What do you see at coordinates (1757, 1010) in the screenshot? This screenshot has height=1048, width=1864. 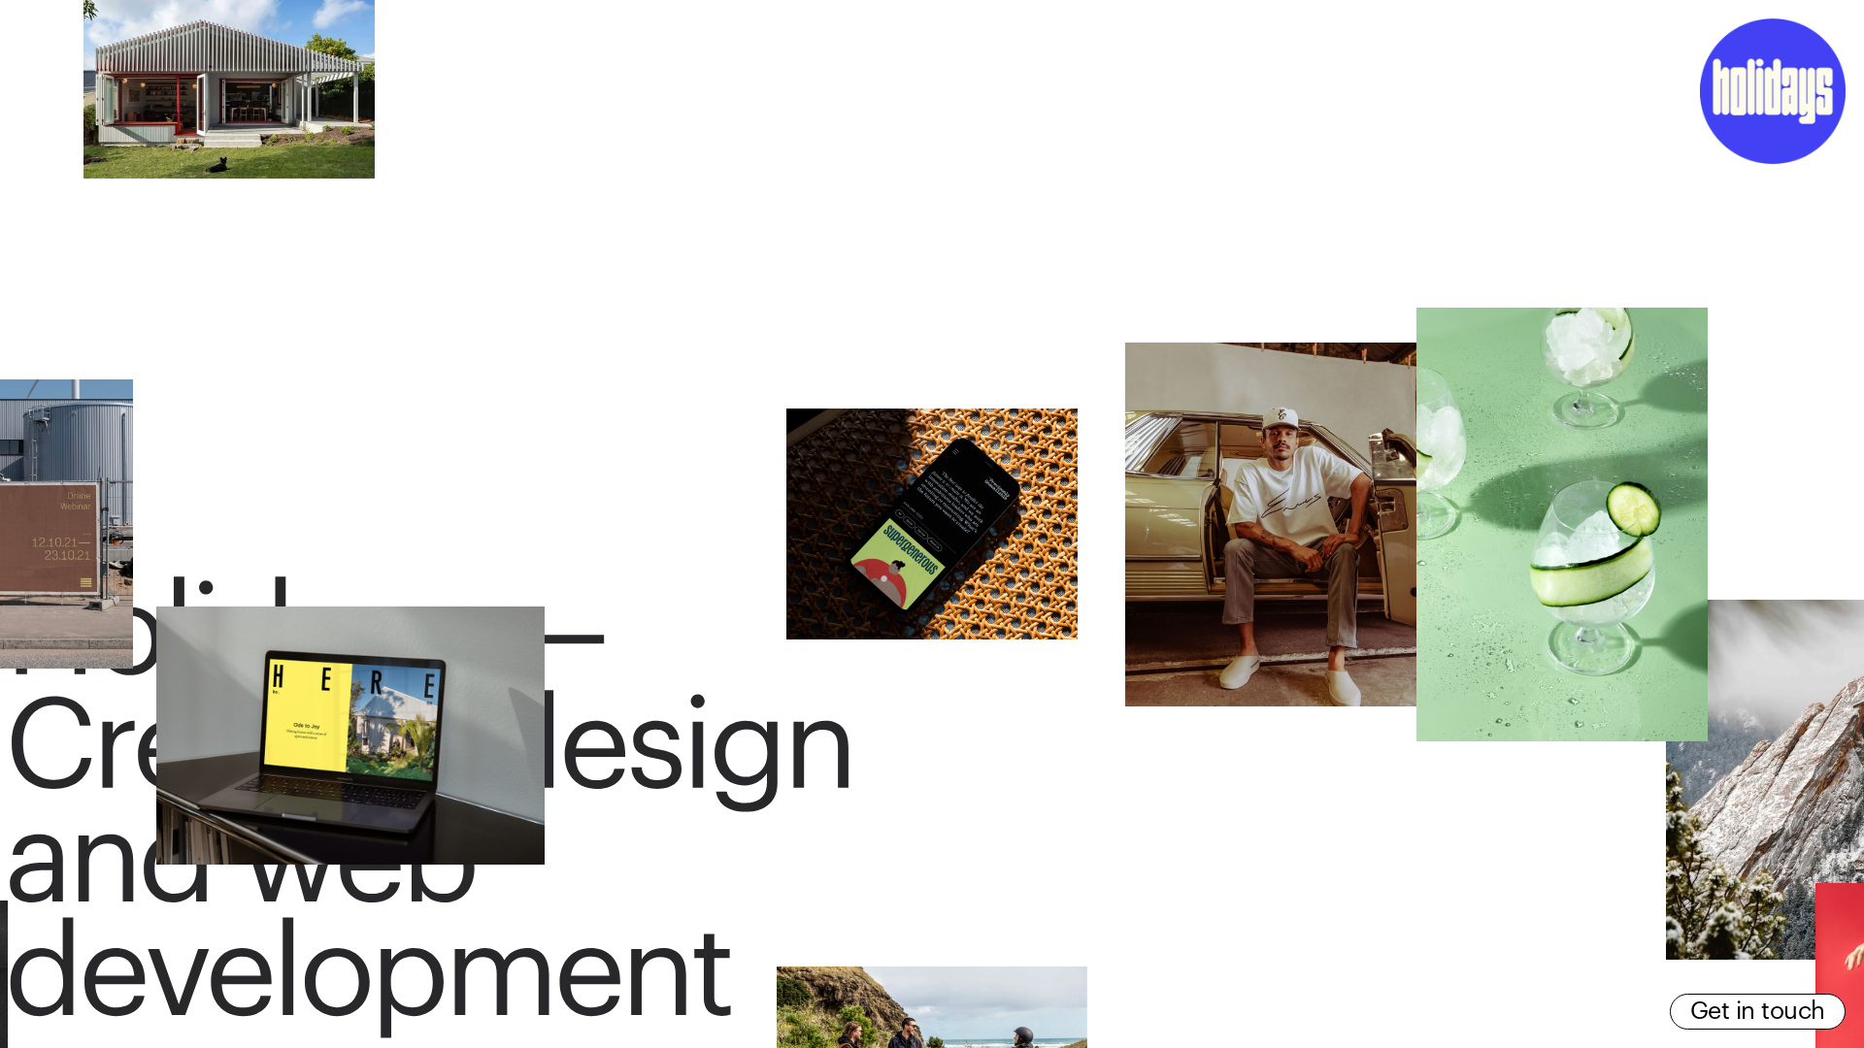 I see `'Get in touch'` at bounding box center [1757, 1010].